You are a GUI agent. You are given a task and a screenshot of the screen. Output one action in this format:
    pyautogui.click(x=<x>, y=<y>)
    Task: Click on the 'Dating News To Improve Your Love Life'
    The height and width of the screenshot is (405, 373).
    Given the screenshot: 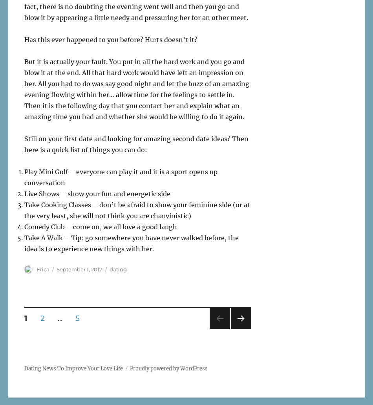 What is the action you would take?
    pyautogui.click(x=24, y=368)
    